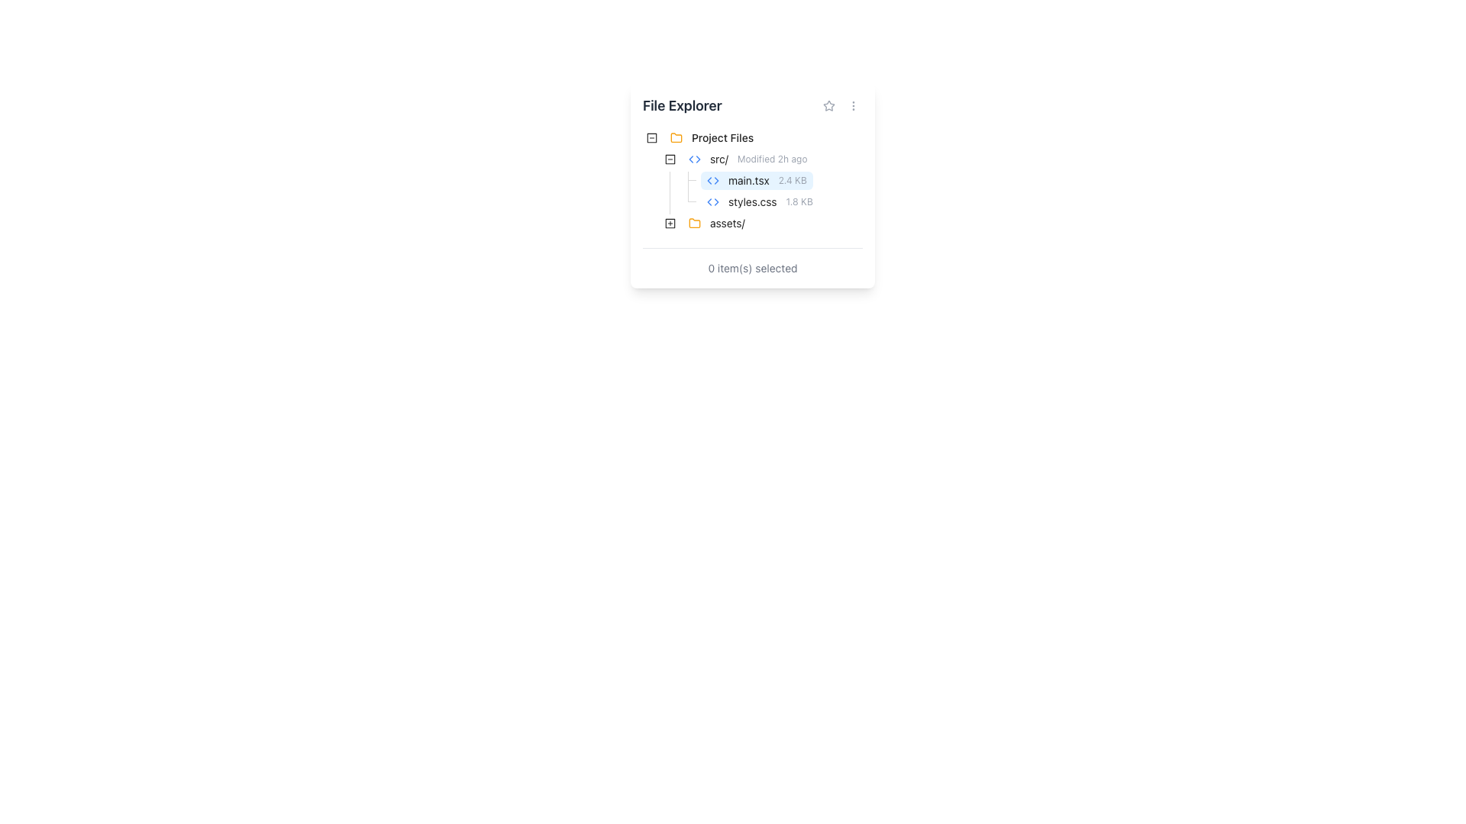 The image size is (1466, 824). Describe the element at coordinates (681, 105) in the screenshot. I see `the 'File Explorer' text label, which is styled in bold and located at the top left corner of a card-like section` at that location.